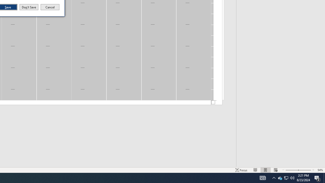 This screenshot has height=183, width=325. Describe the element at coordinates (255, 170) in the screenshot. I see `'Print Layout'` at that location.